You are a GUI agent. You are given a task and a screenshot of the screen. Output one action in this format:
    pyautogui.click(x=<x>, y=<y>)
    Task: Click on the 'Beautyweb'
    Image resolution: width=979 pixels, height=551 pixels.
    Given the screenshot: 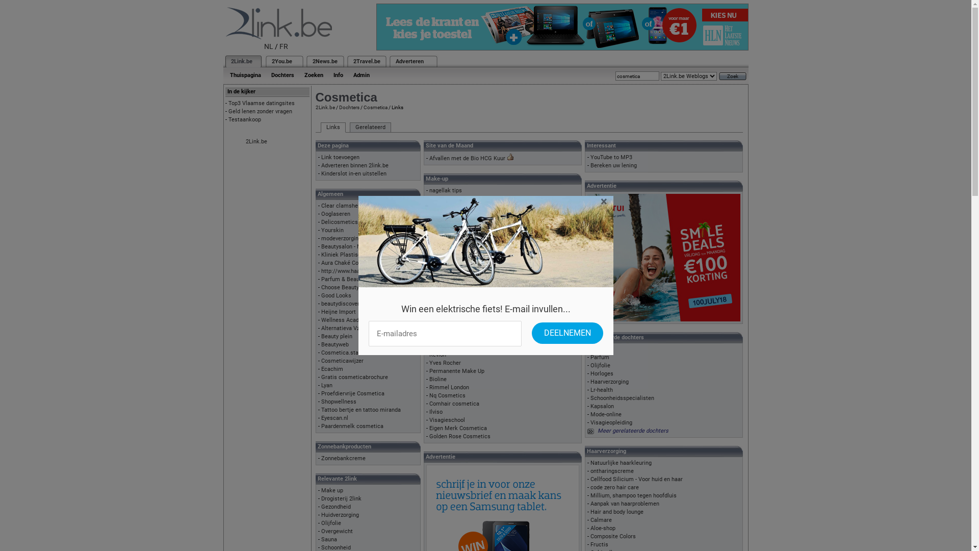 What is the action you would take?
    pyautogui.click(x=335, y=344)
    